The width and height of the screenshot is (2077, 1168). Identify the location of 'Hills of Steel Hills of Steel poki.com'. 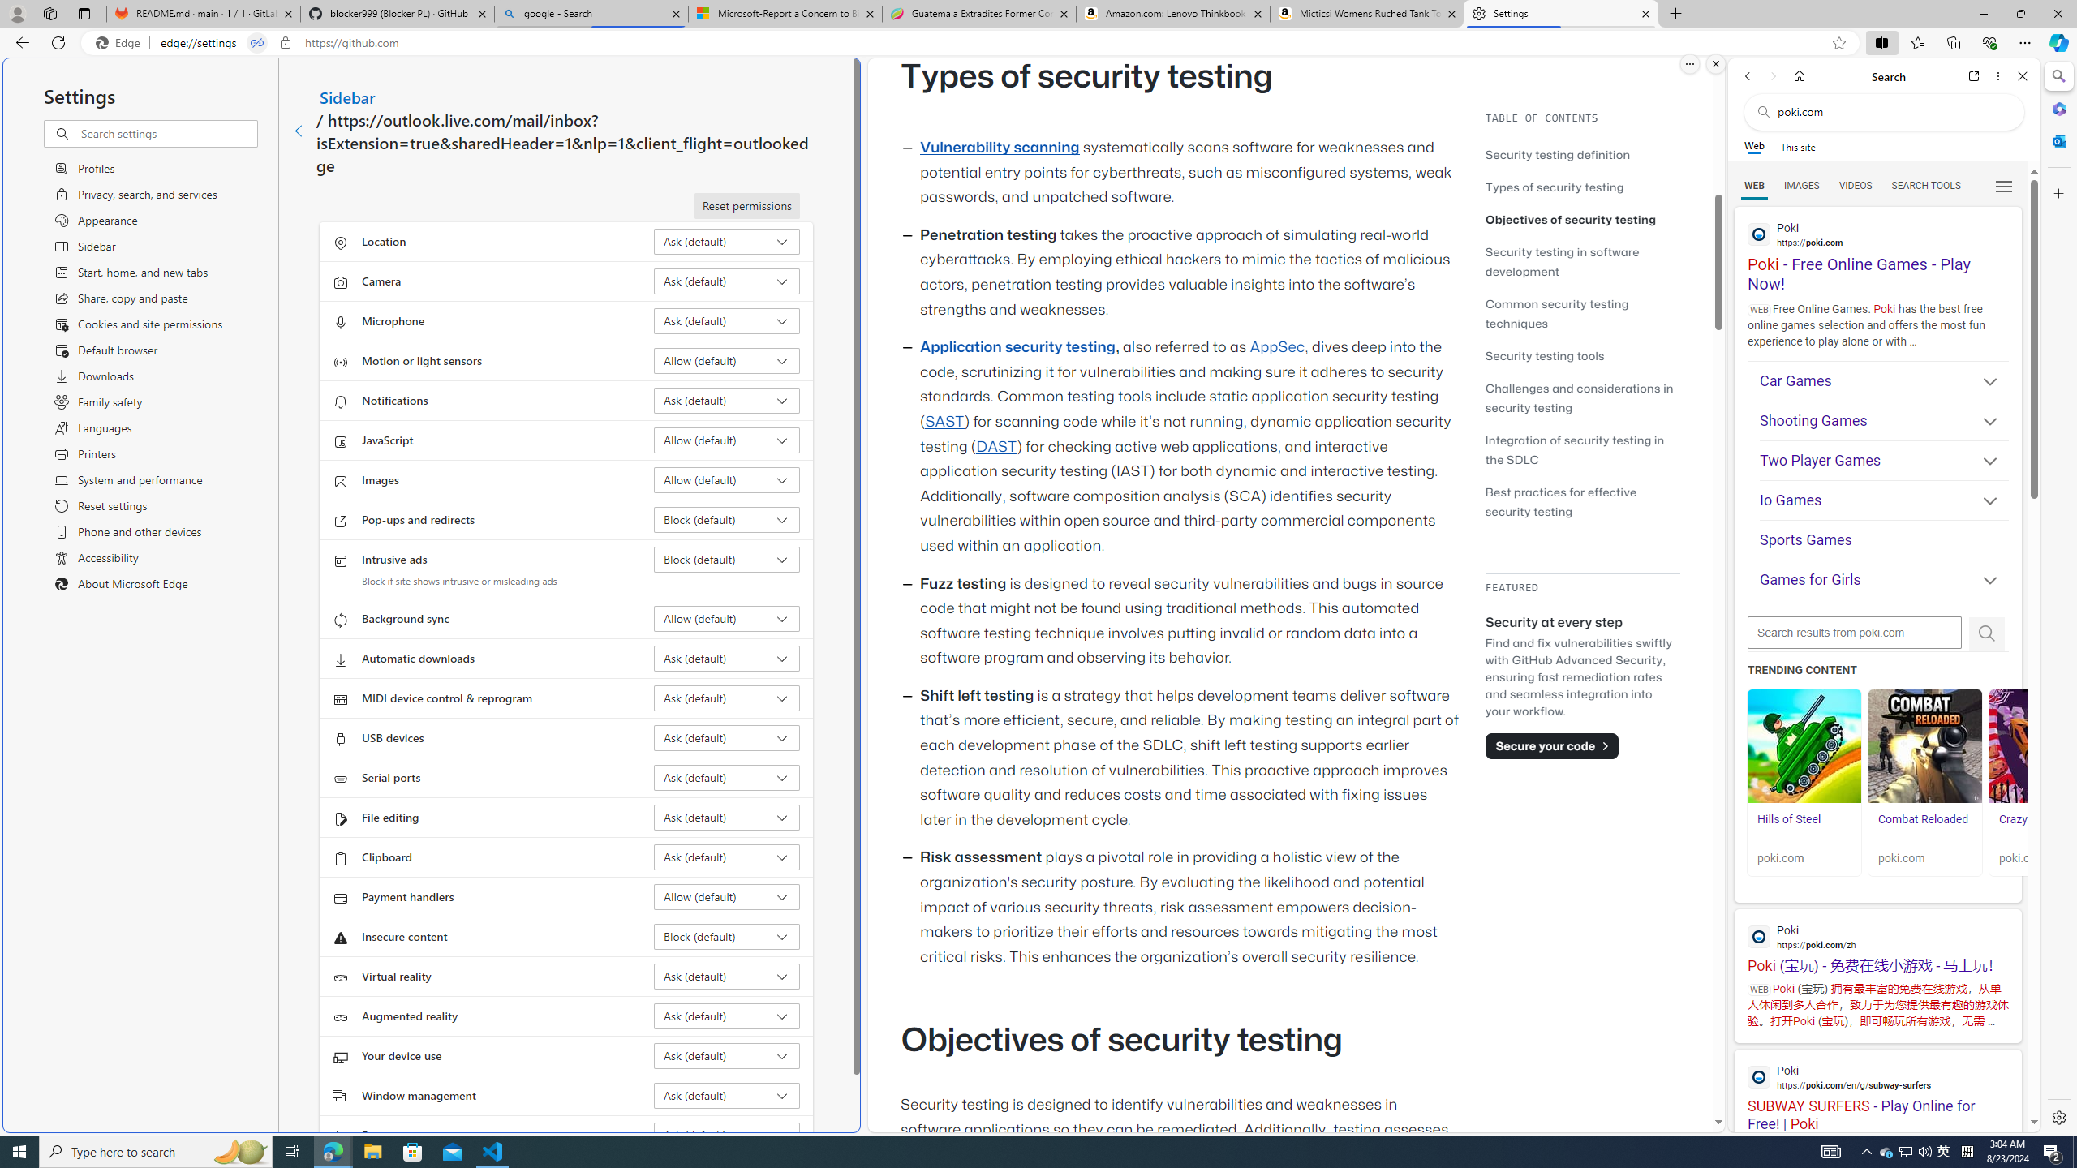
(1803, 782).